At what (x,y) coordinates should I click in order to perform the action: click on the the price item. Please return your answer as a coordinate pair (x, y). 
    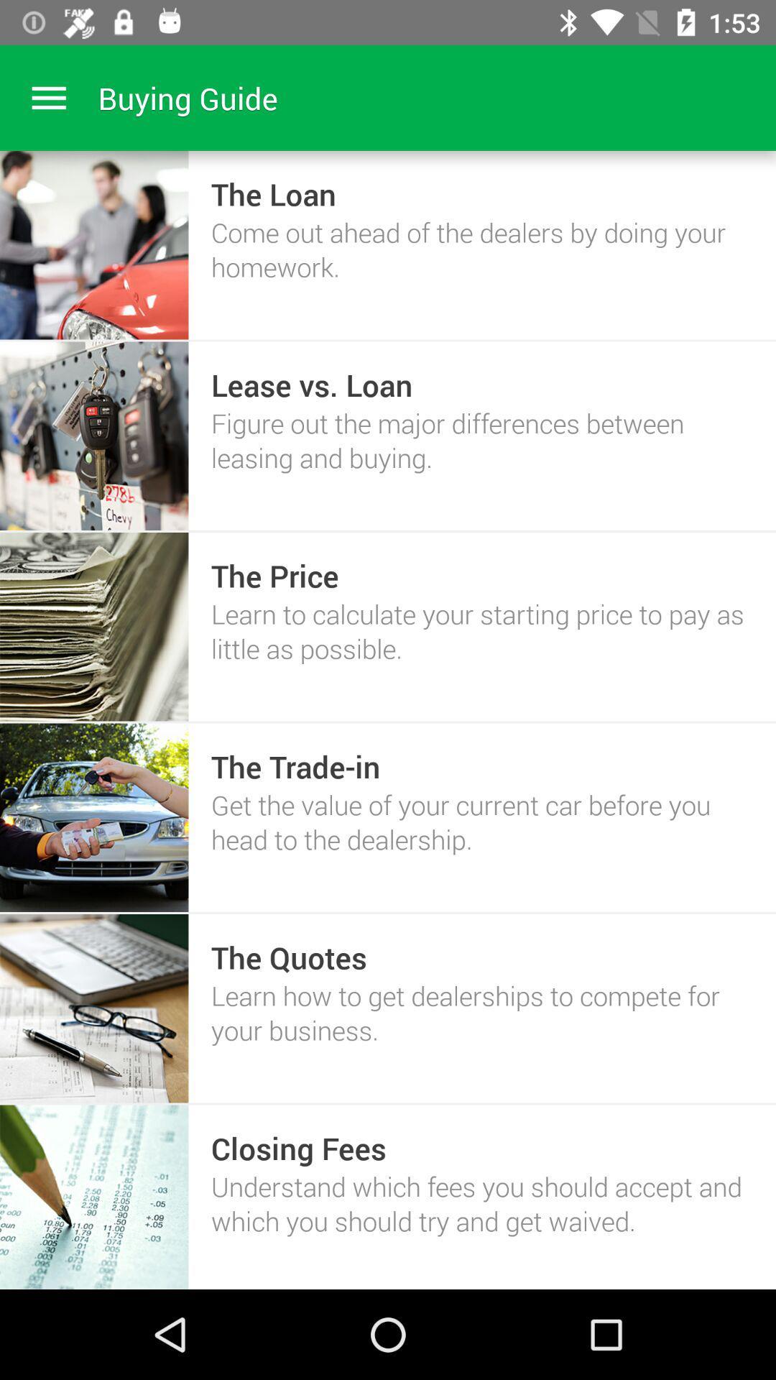
    Looking at the image, I should click on (274, 576).